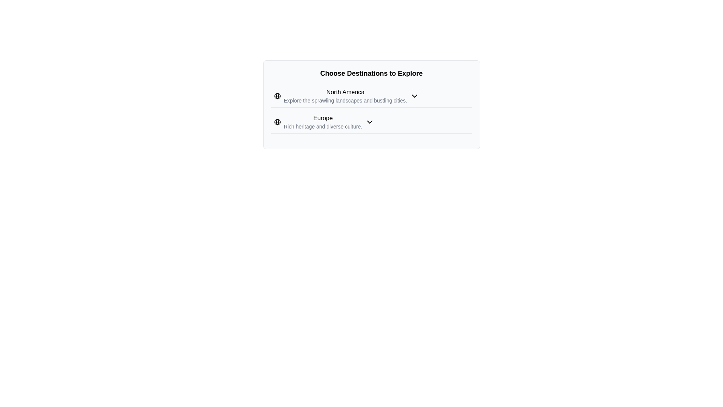 The image size is (723, 407). What do you see at coordinates (414, 95) in the screenshot?
I see `the dropdown icon located at the right end of the 'North America' text` at bounding box center [414, 95].